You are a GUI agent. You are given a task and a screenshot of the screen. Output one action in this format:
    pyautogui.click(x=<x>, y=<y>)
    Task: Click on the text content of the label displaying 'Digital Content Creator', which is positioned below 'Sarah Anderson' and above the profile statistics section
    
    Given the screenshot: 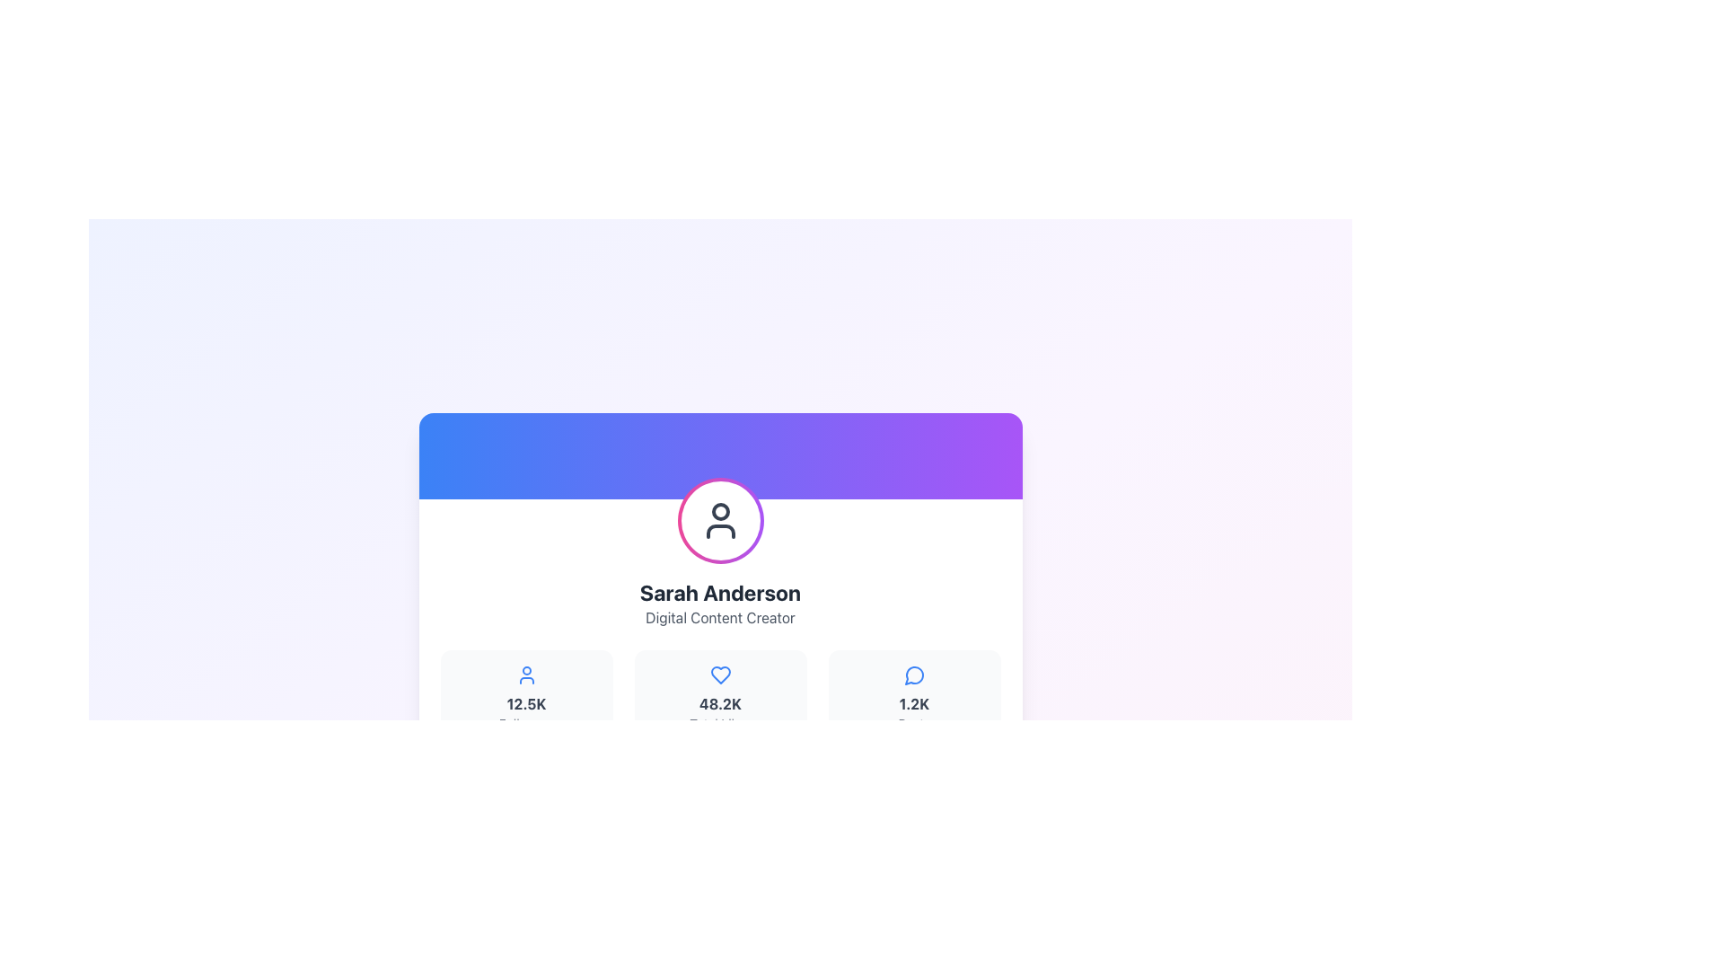 What is the action you would take?
    pyautogui.click(x=720, y=616)
    